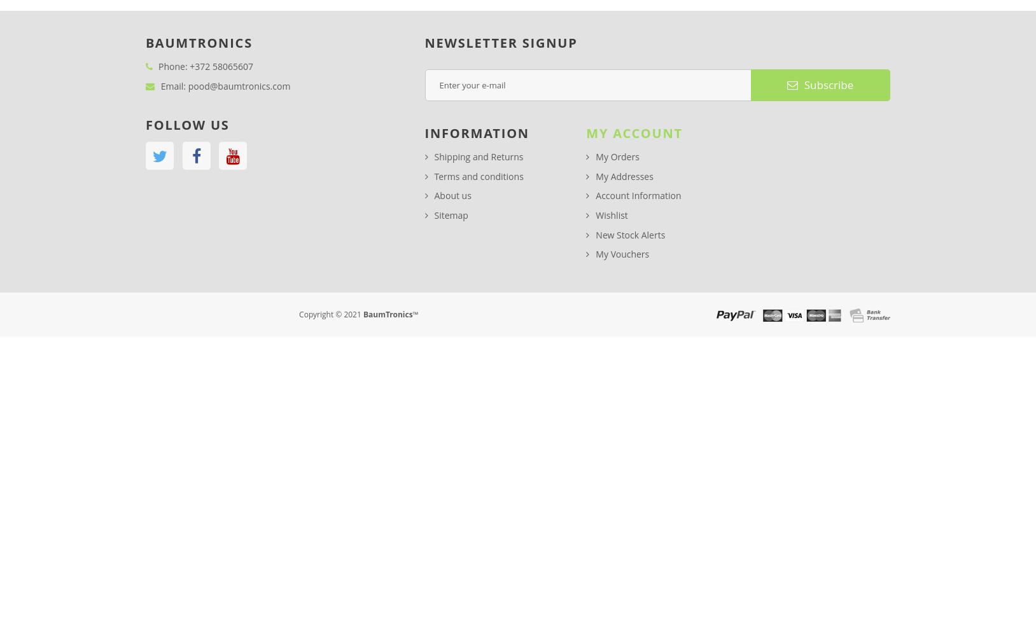 This screenshot has height=636, width=1036. Describe the element at coordinates (594, 155) in the screenshot. I see `'My Orders'` at that location.